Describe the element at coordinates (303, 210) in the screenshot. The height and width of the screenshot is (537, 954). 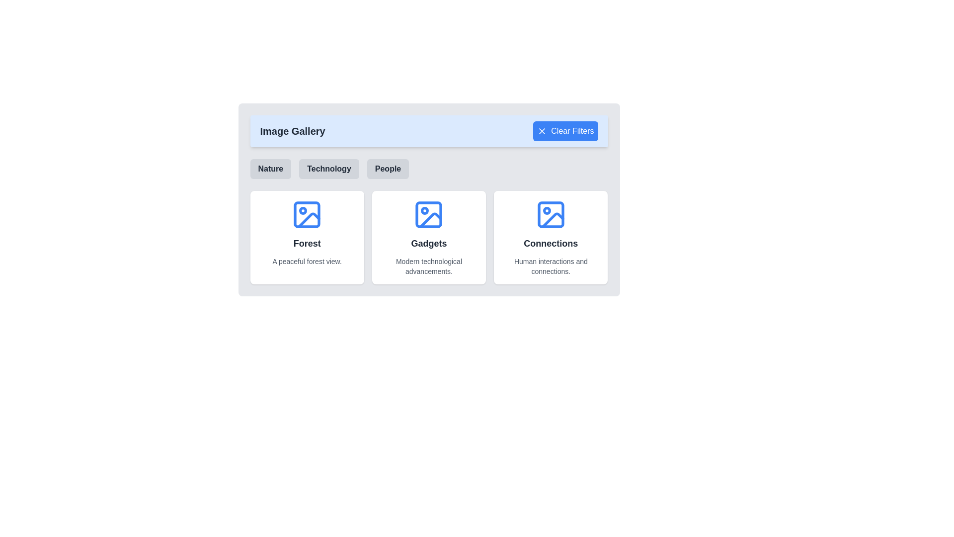
I see `the decorative SVG circle element within the 'Forest' card, located in the upper-left corner` at that location.